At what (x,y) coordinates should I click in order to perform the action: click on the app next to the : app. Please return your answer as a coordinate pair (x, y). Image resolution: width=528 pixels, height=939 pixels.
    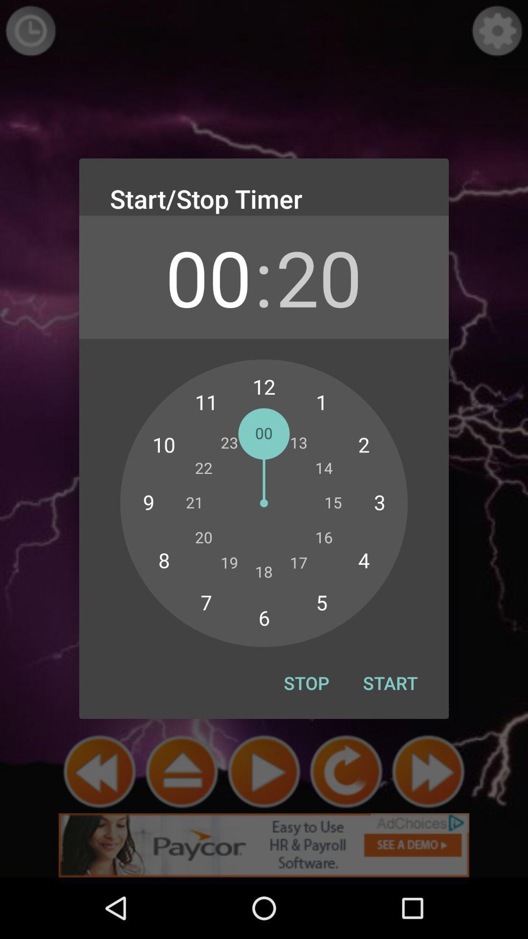
    Looking at the image, I should click on (208, 276).